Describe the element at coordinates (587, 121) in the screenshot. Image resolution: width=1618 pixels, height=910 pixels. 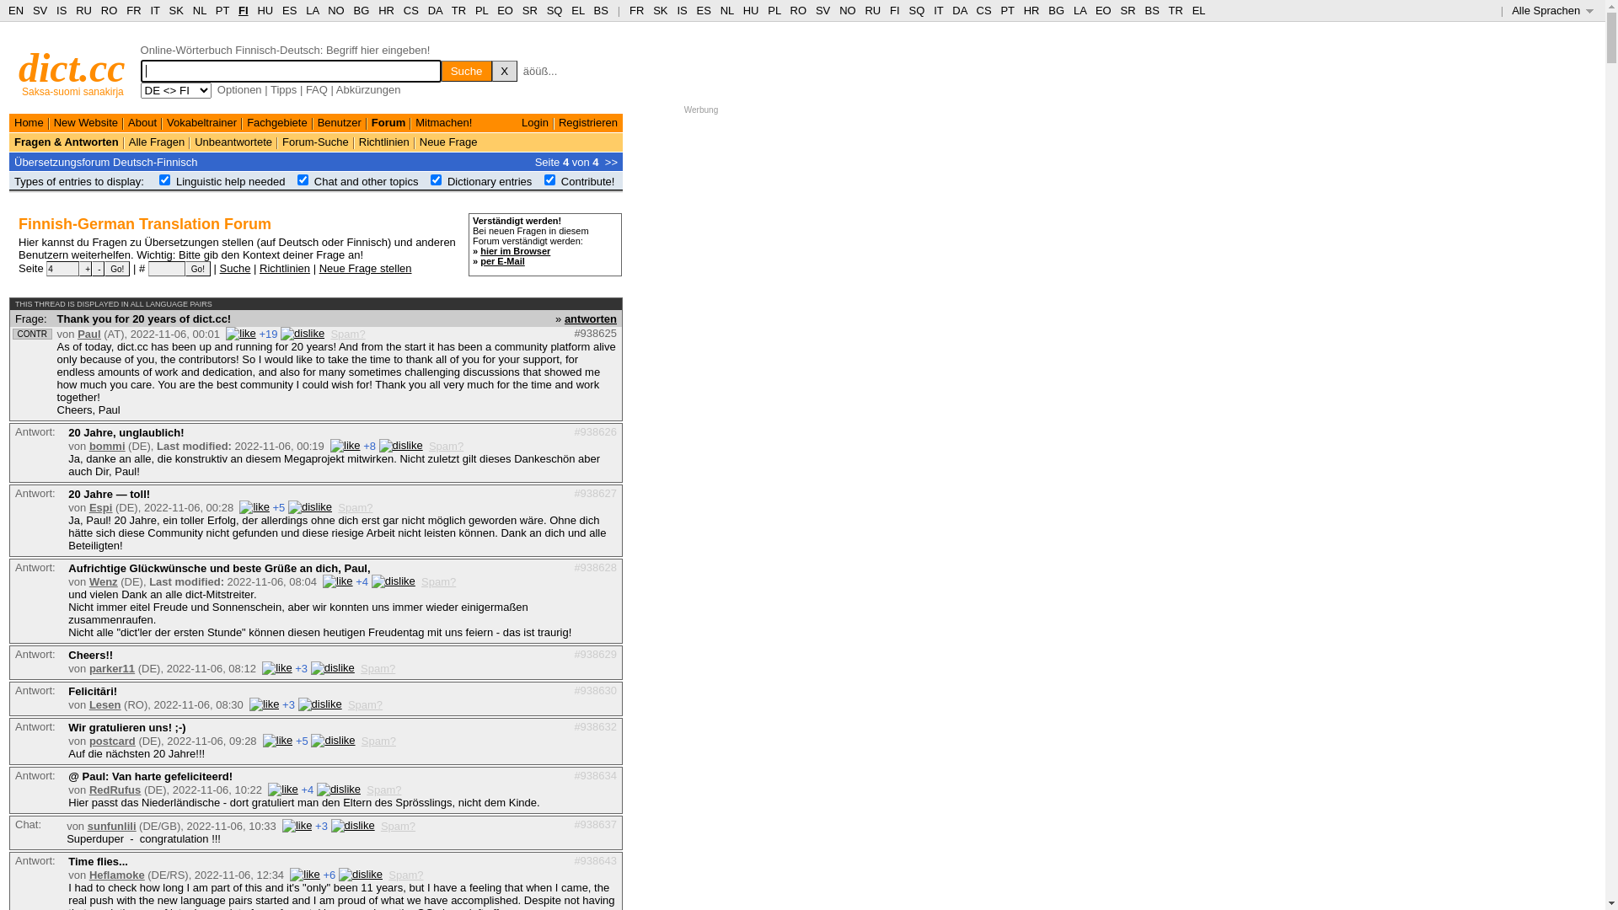
I see `'Registrieren'` at that location.